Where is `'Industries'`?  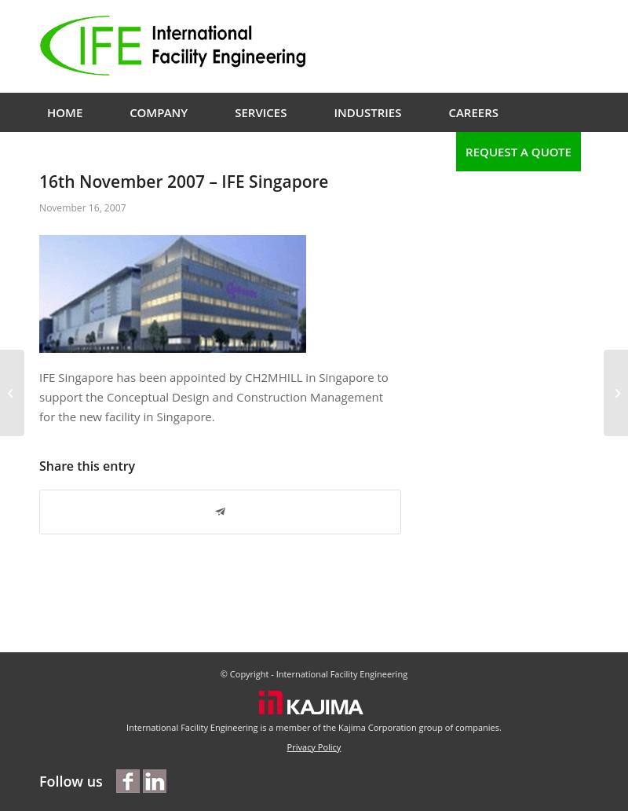 'Industries' is located at coordinates (367, 112).